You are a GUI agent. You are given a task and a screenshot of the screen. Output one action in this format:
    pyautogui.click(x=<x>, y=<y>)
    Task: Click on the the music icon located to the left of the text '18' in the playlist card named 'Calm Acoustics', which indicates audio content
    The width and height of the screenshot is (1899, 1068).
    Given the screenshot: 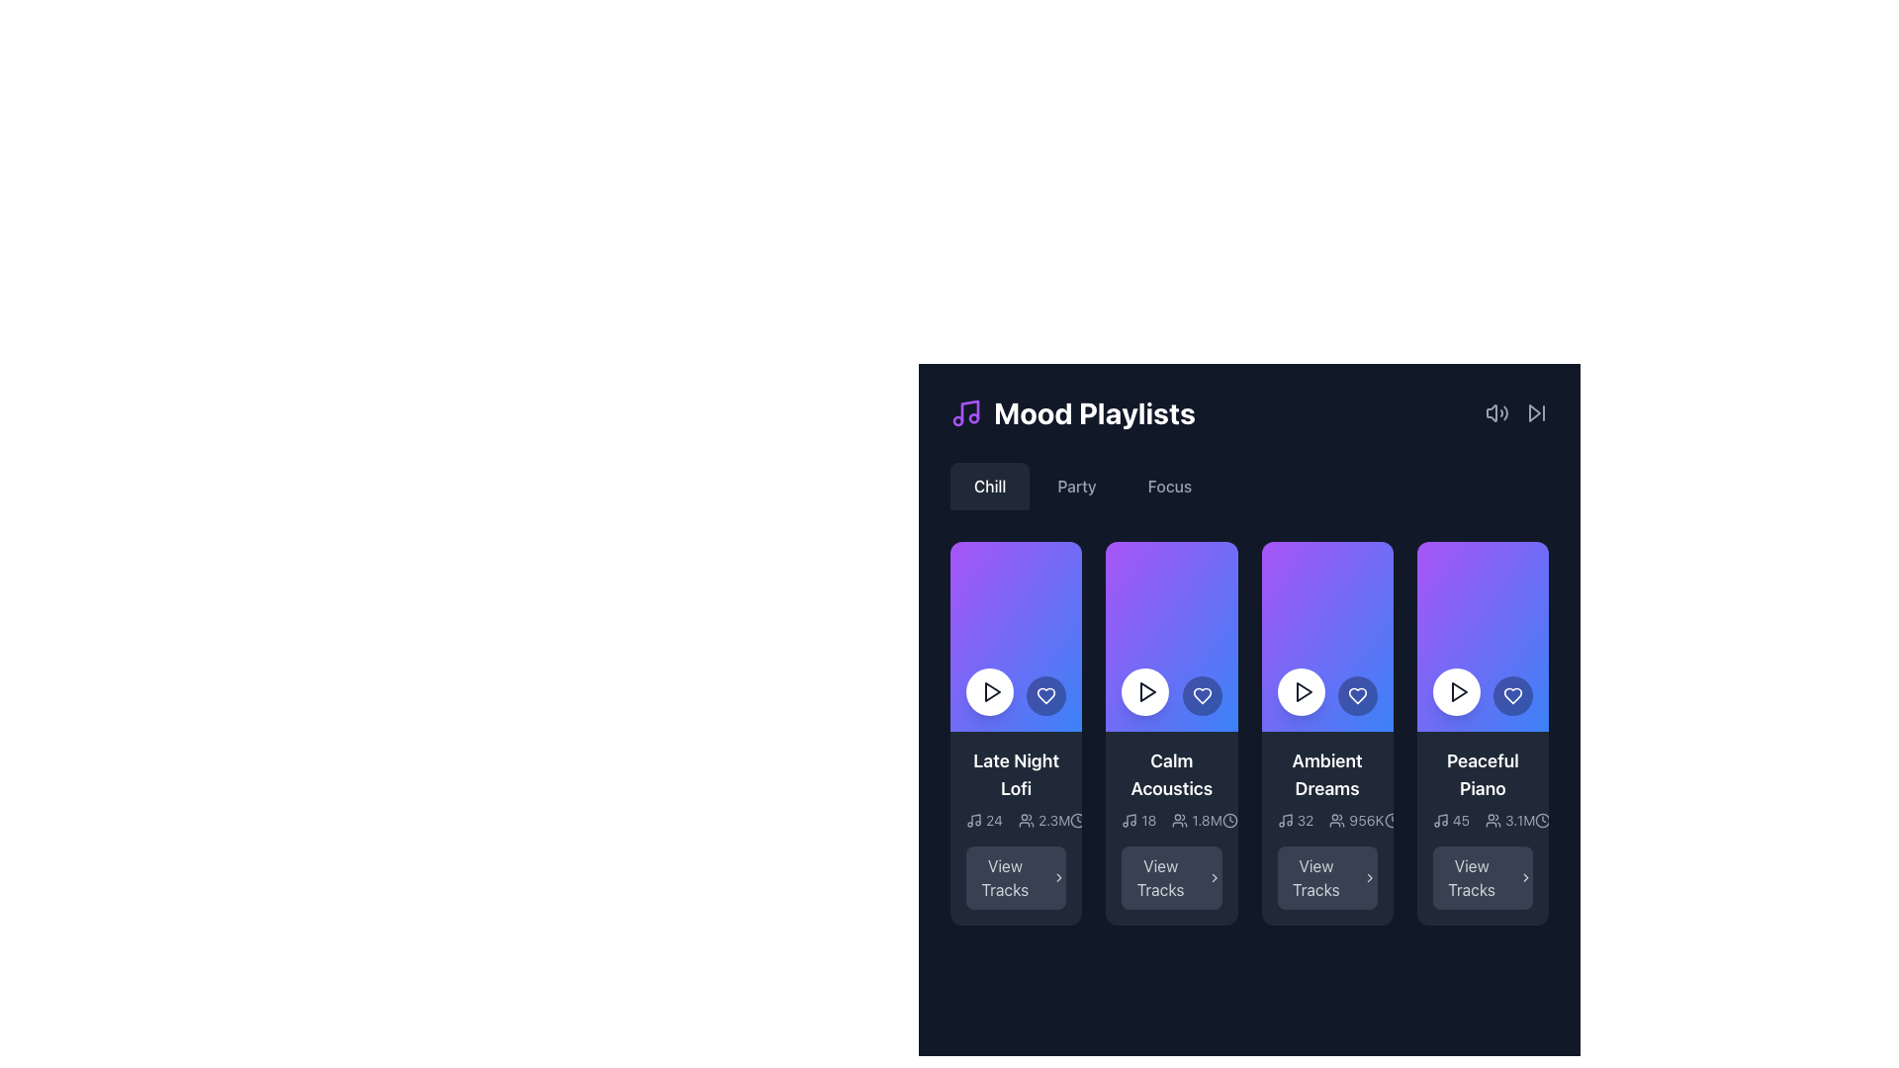 What is the action you would take?
    pyautogui.click(x=1130, y=820)
    